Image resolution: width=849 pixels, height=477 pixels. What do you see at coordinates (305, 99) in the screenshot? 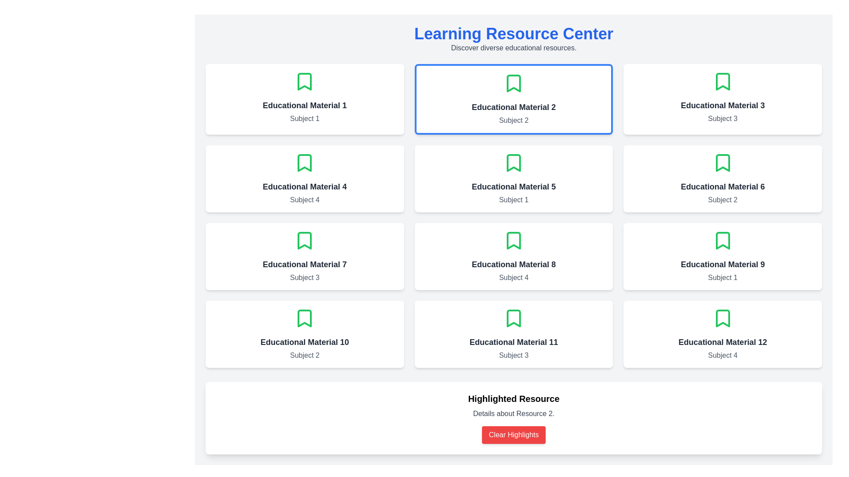
I see `the informational card that represents a specific educational material located in the first column of the first row within a grid layout` at bounding box center [305, 99].